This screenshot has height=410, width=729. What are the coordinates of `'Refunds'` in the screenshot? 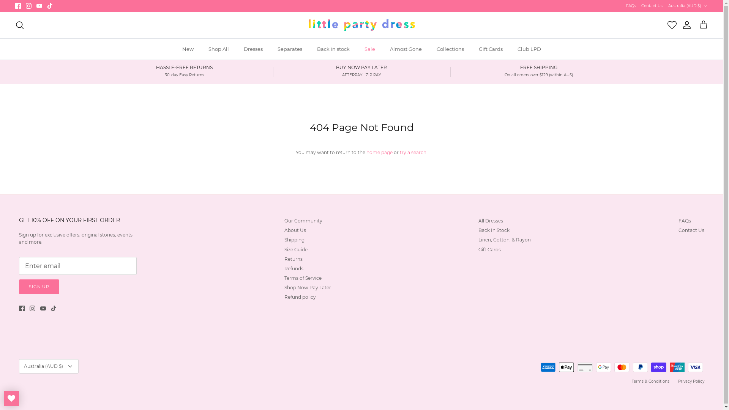 It's located at (293, 268).